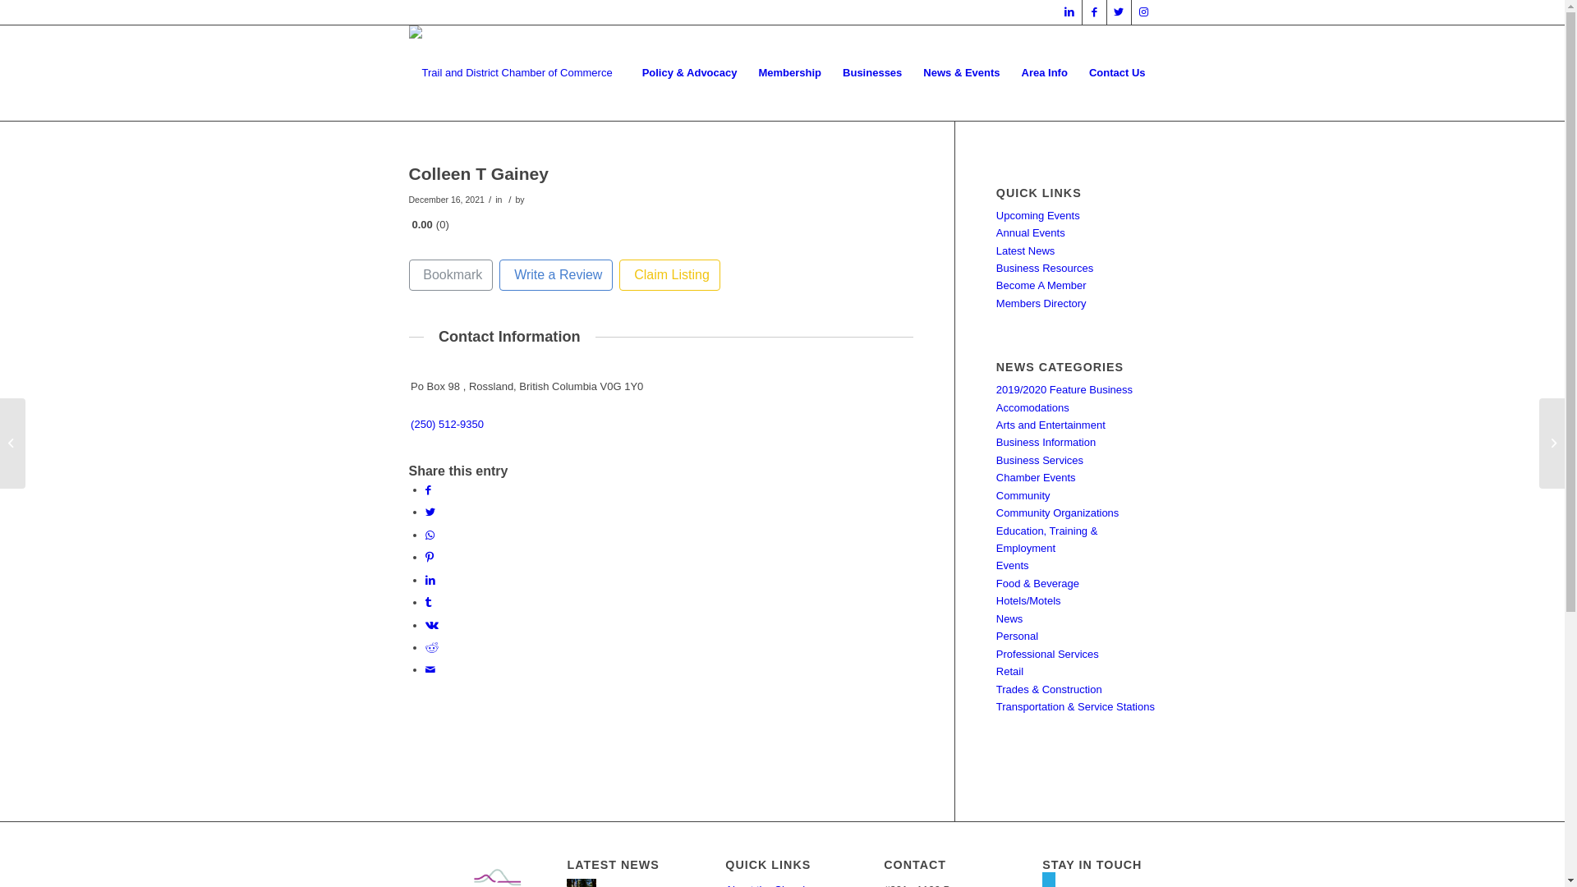  Describe the element at coordinates (1044, 71) in the screenshot. I see `'Area Info'` at that location.